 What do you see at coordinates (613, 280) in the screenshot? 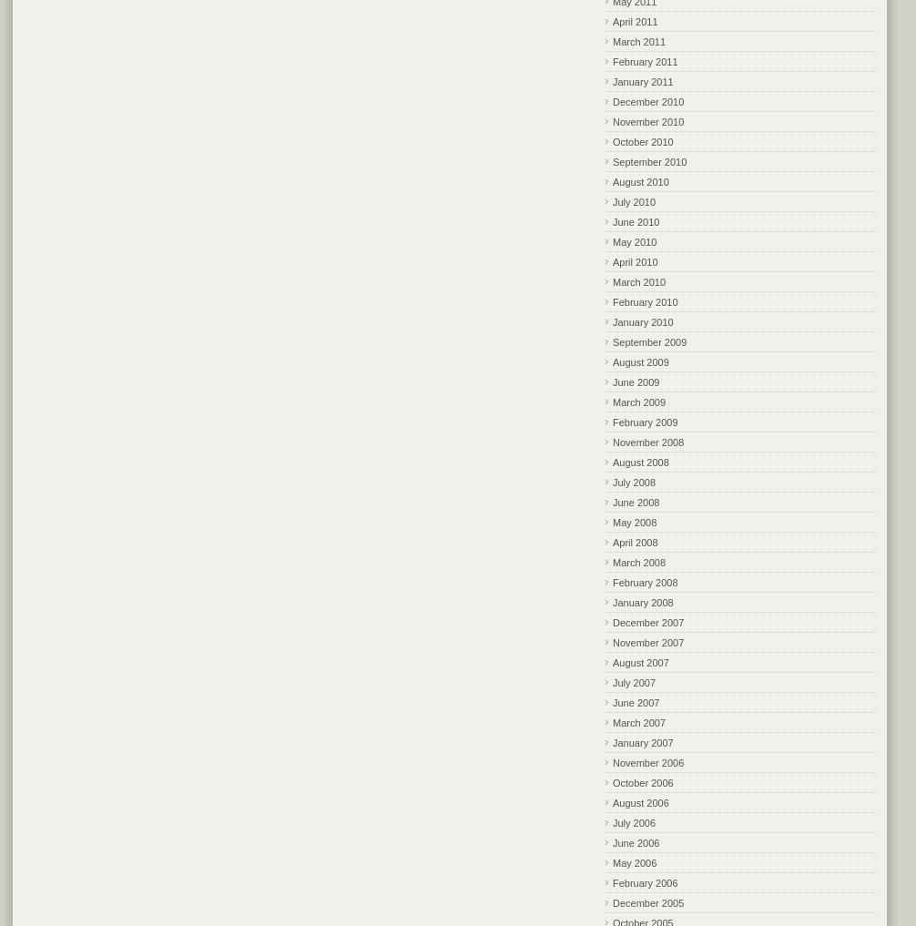
I see `'March 2010'` at bounding box center [613, 280].